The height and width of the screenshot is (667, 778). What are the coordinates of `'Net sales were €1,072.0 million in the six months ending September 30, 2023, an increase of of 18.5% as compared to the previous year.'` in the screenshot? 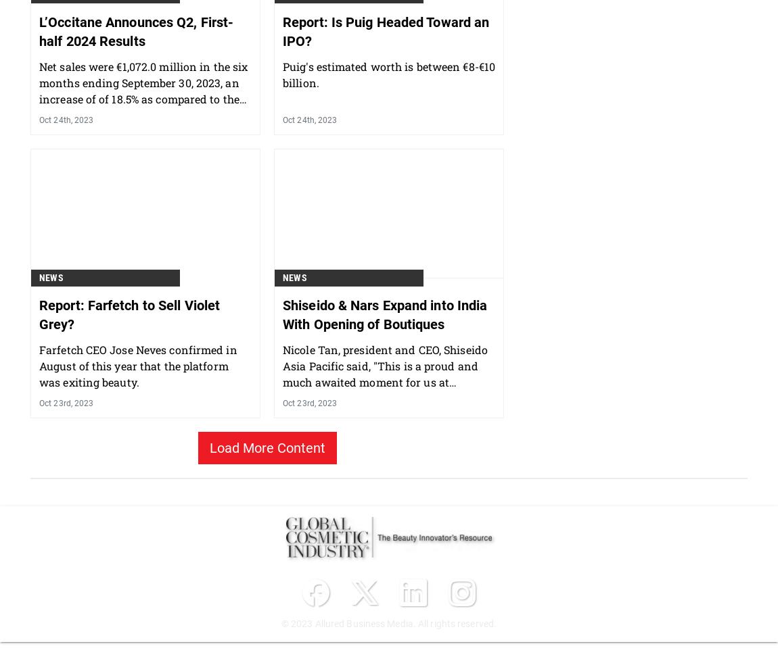 It's located at (142, 162).